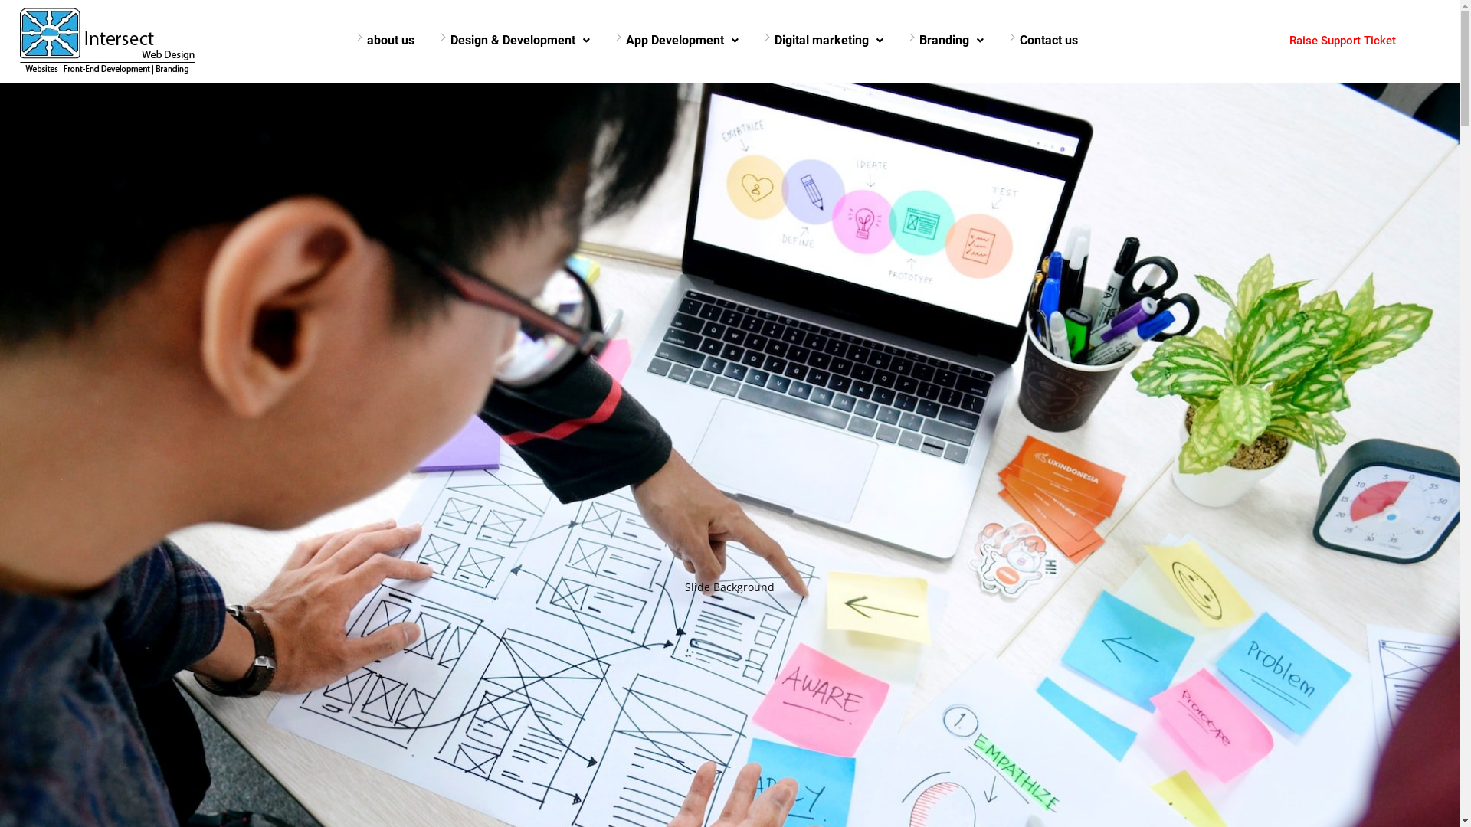 The width and height of the screenshot is (1471, 827). Describe the element at coordinates (614, 40) in the screenshot. I see `'App Development'` at that location.